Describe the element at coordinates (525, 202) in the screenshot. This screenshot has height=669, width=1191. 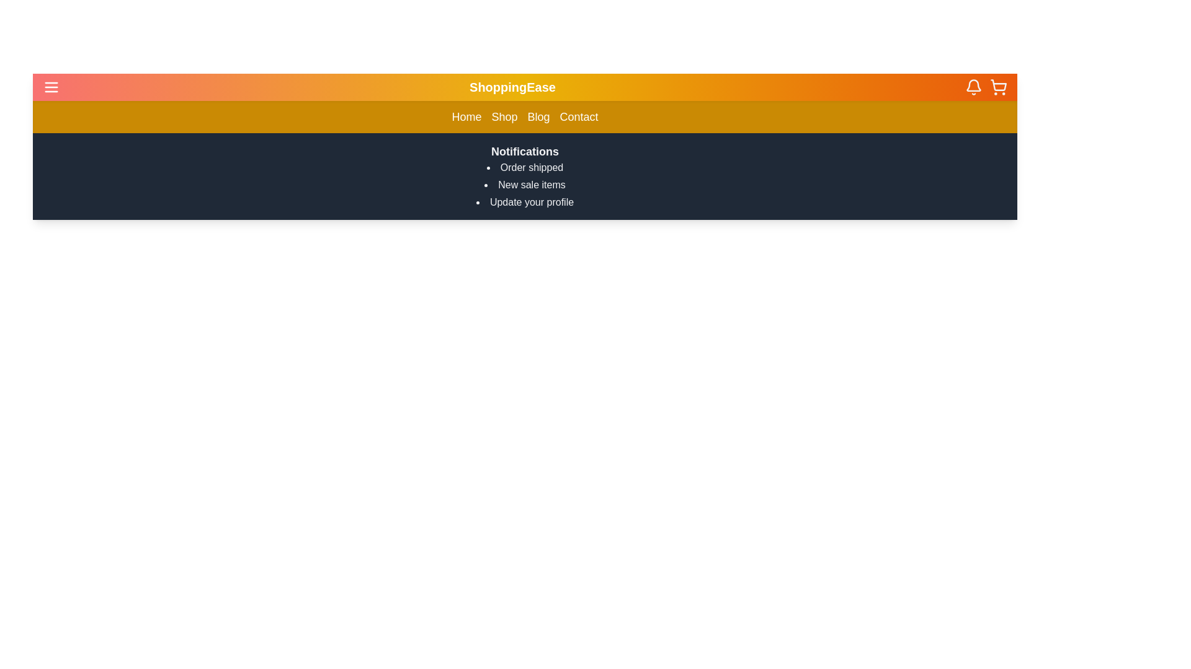
I see `the third item in the bulleted list under the heading 'Notifications', which prompts the user to take action related to updating their profile` at that location.